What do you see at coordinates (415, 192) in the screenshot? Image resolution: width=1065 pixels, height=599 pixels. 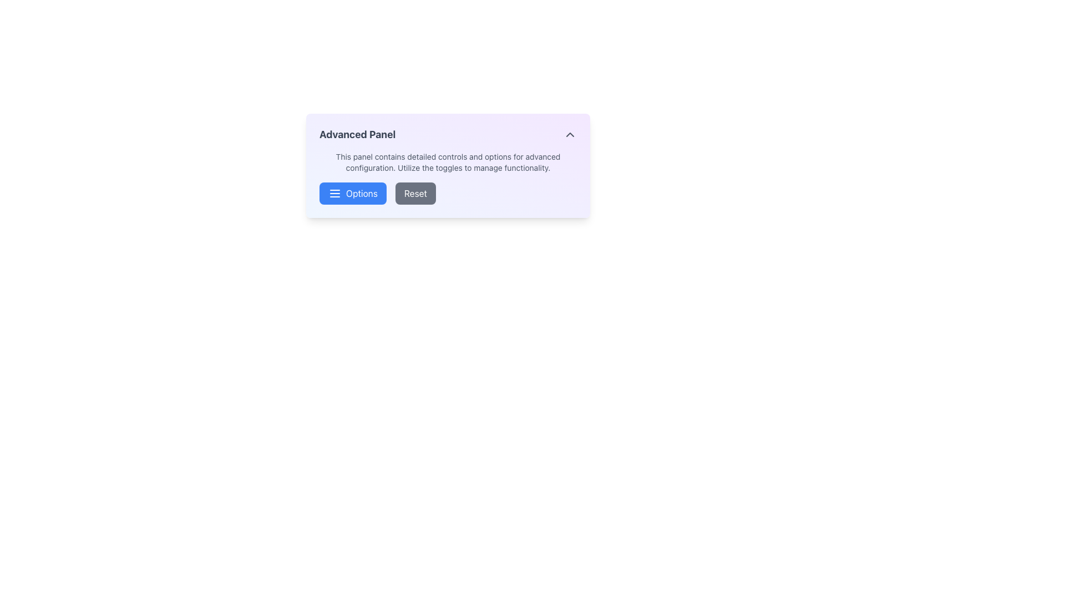 I see `the reset button located to the right of the 'Options' button in the 'Advanced Panel' to reset options to their default values` at bounding box center [415, 192].